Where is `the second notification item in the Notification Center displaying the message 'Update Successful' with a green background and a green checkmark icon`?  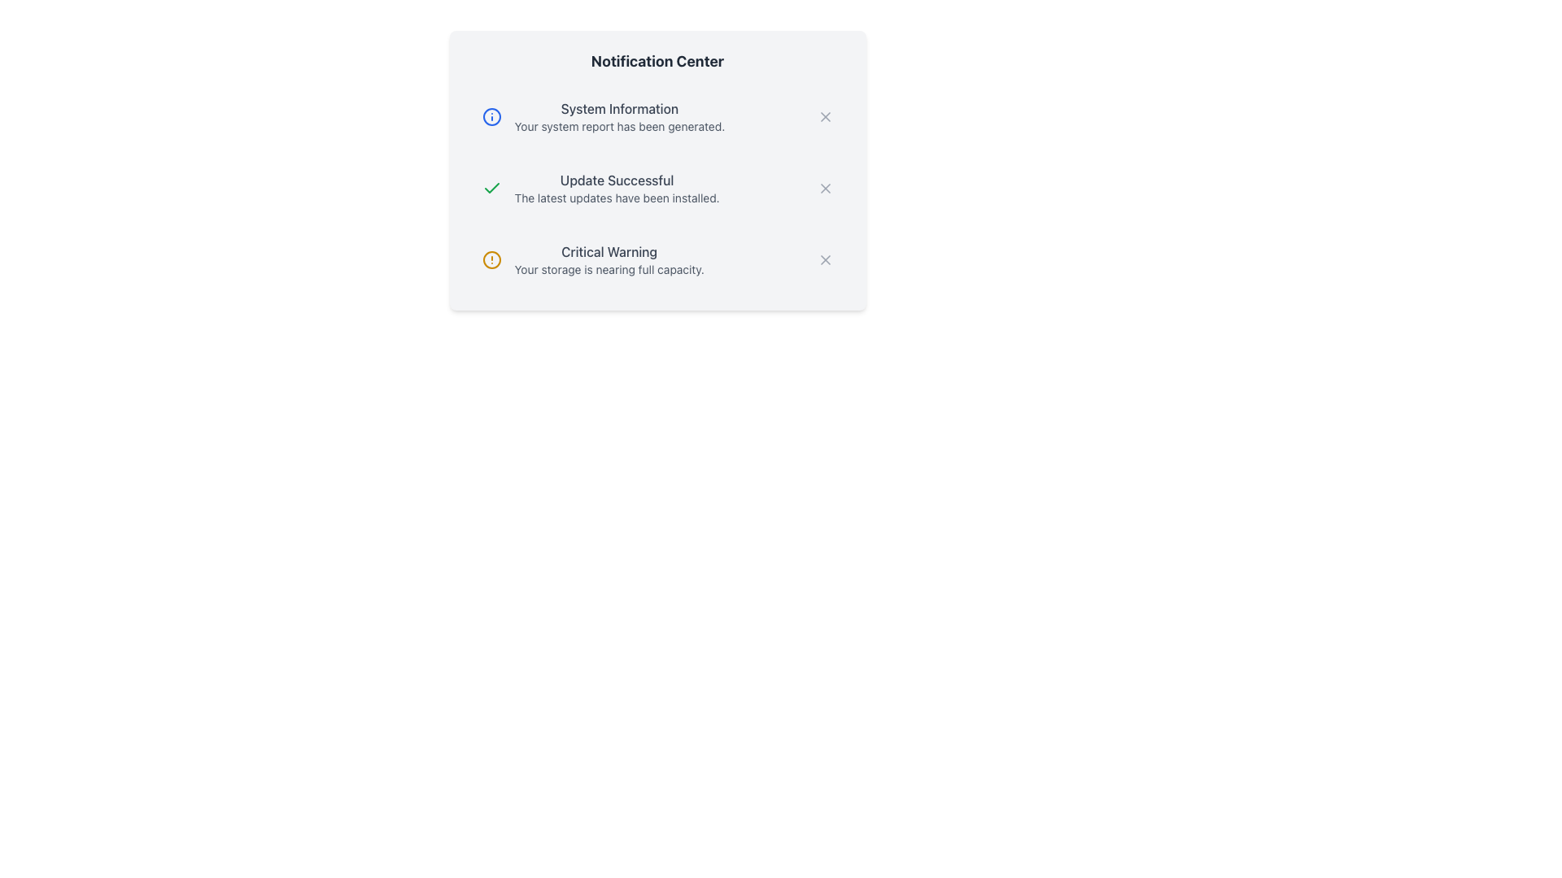
the second notification item in the Notification Center displaying the message 'Update Successful' with a green background and a green checkmark icon is located at coordinates (657, 187).